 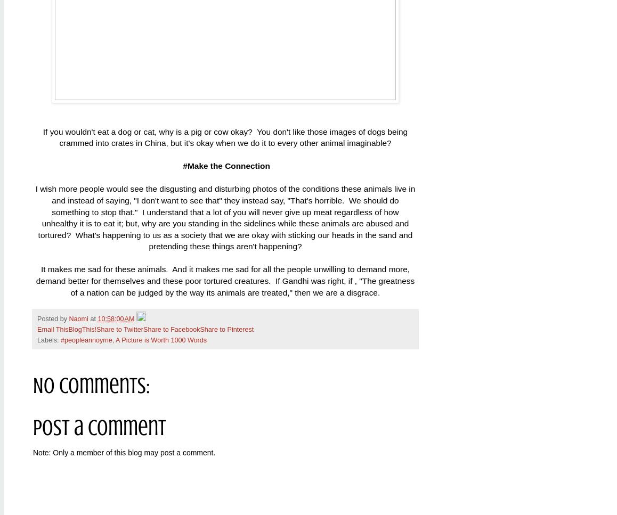 I want to click on 'Posted by', so click(x=53, y=318).